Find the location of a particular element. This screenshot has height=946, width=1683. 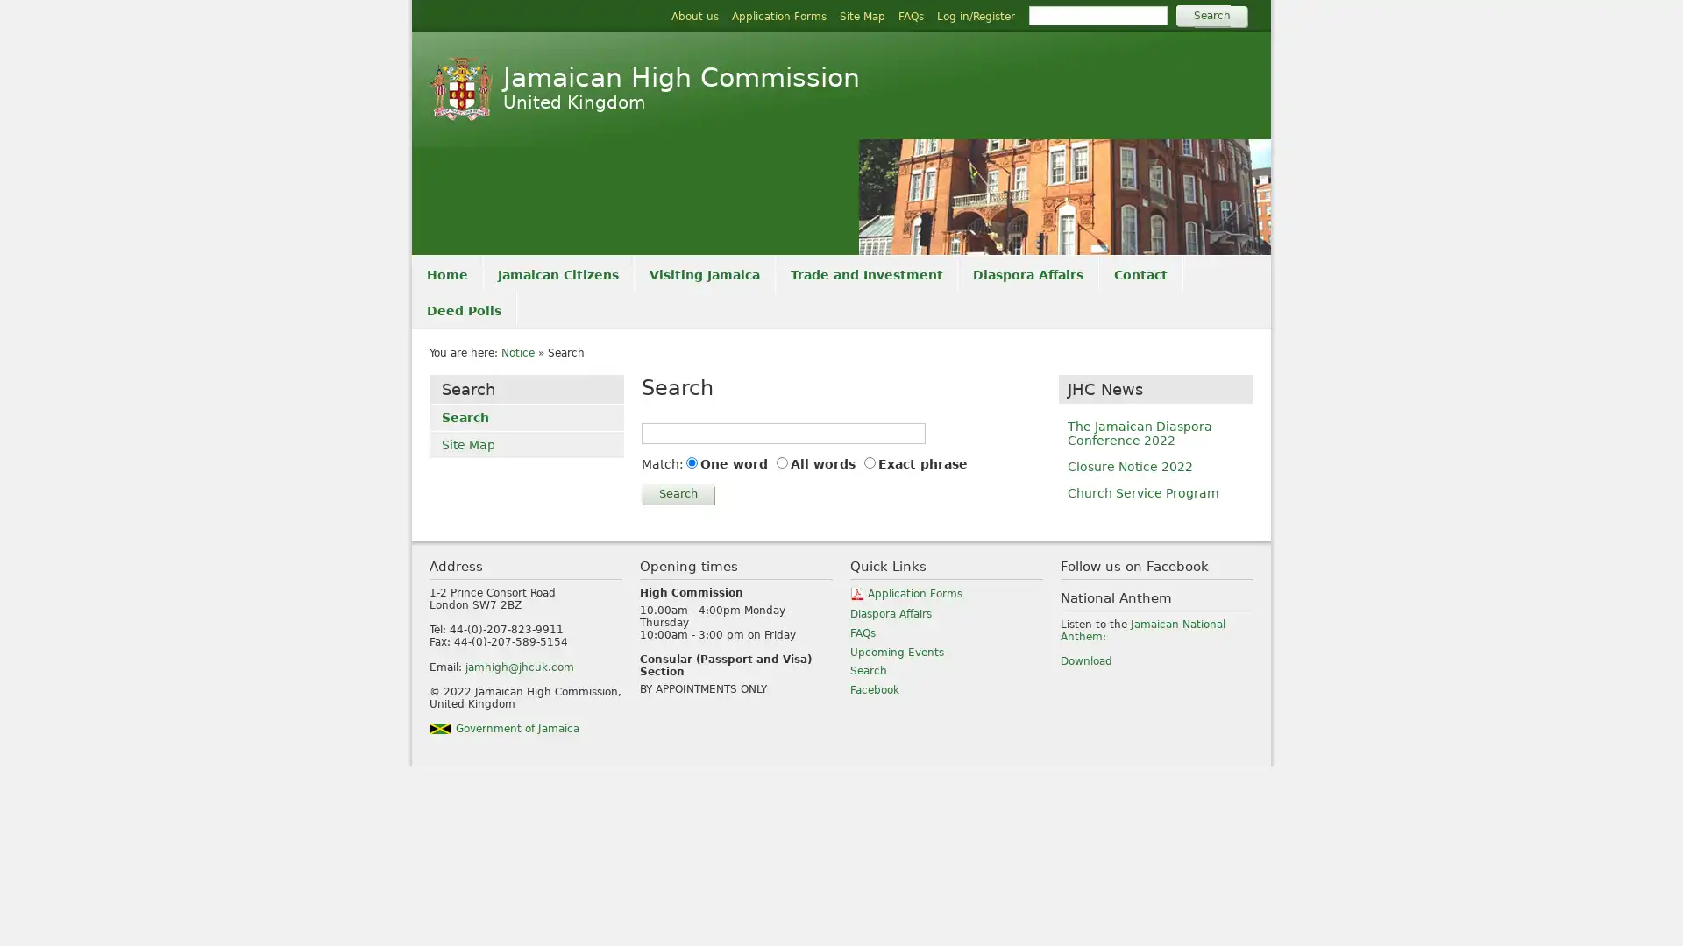

Search is located at coordinates (1211, 17).